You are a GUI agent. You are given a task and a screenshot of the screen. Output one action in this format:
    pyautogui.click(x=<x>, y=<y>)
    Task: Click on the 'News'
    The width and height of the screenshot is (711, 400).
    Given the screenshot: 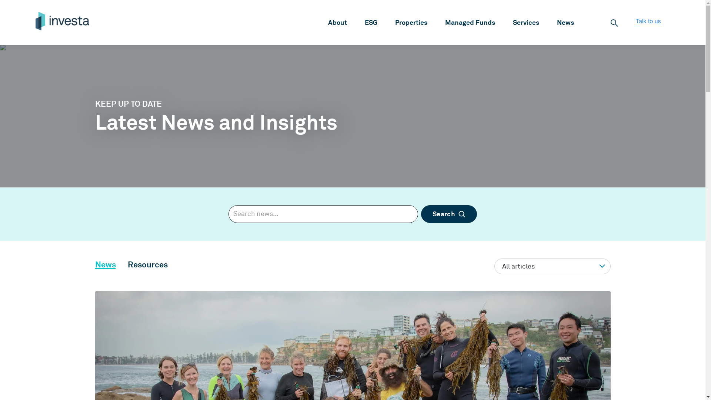 What is the action you would take?
    pyautogui.click(x=104, y=264)
    